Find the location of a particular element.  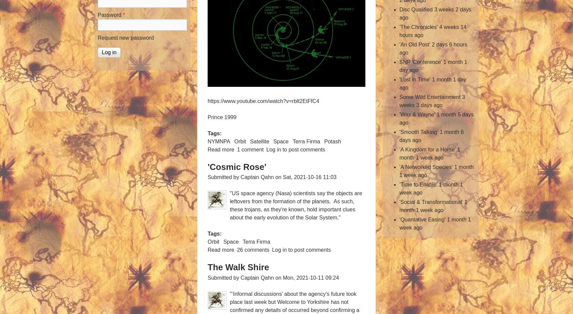

''A Networked Species'' is located at coordinates (399, 167).